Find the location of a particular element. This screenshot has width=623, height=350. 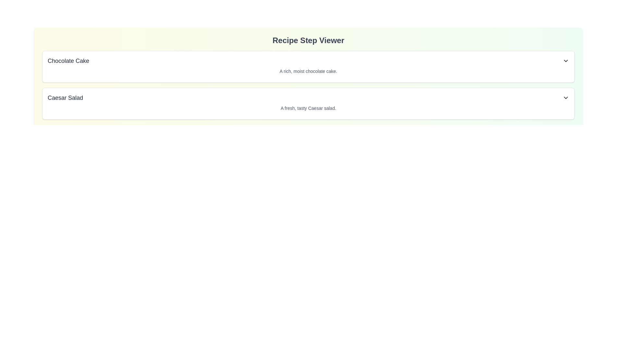

the downward-facing chevron icon button located at the rightmost position of the row titled 'Chocolate Cake' is located at coordinates (565, 61).